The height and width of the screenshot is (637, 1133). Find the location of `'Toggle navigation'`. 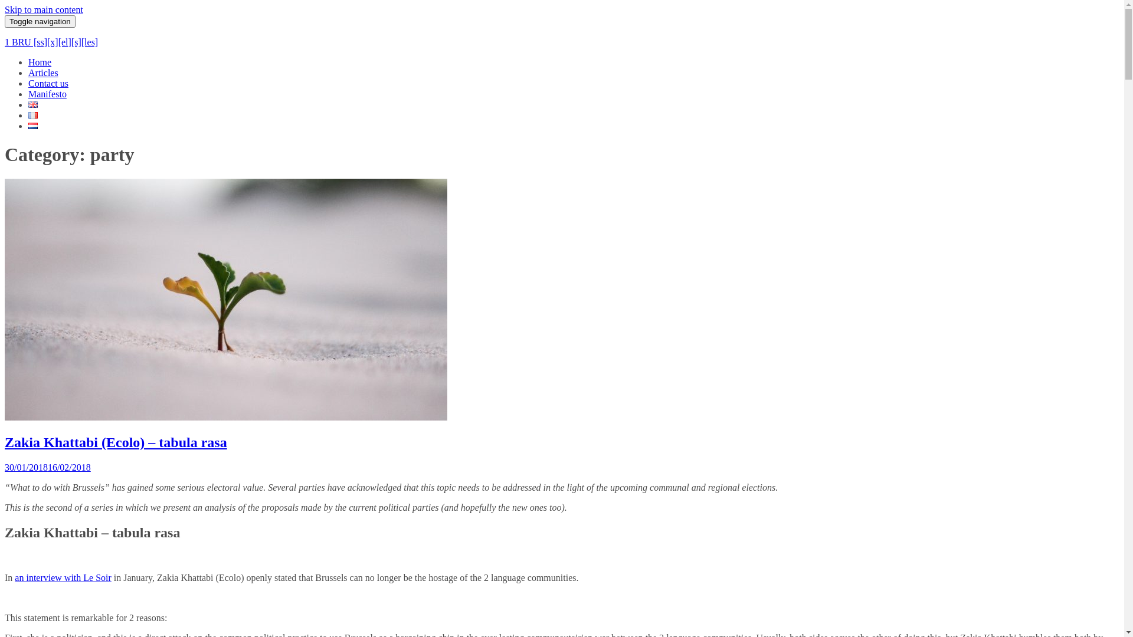

'Toggle navigation' is located at coordinates (40, 21).